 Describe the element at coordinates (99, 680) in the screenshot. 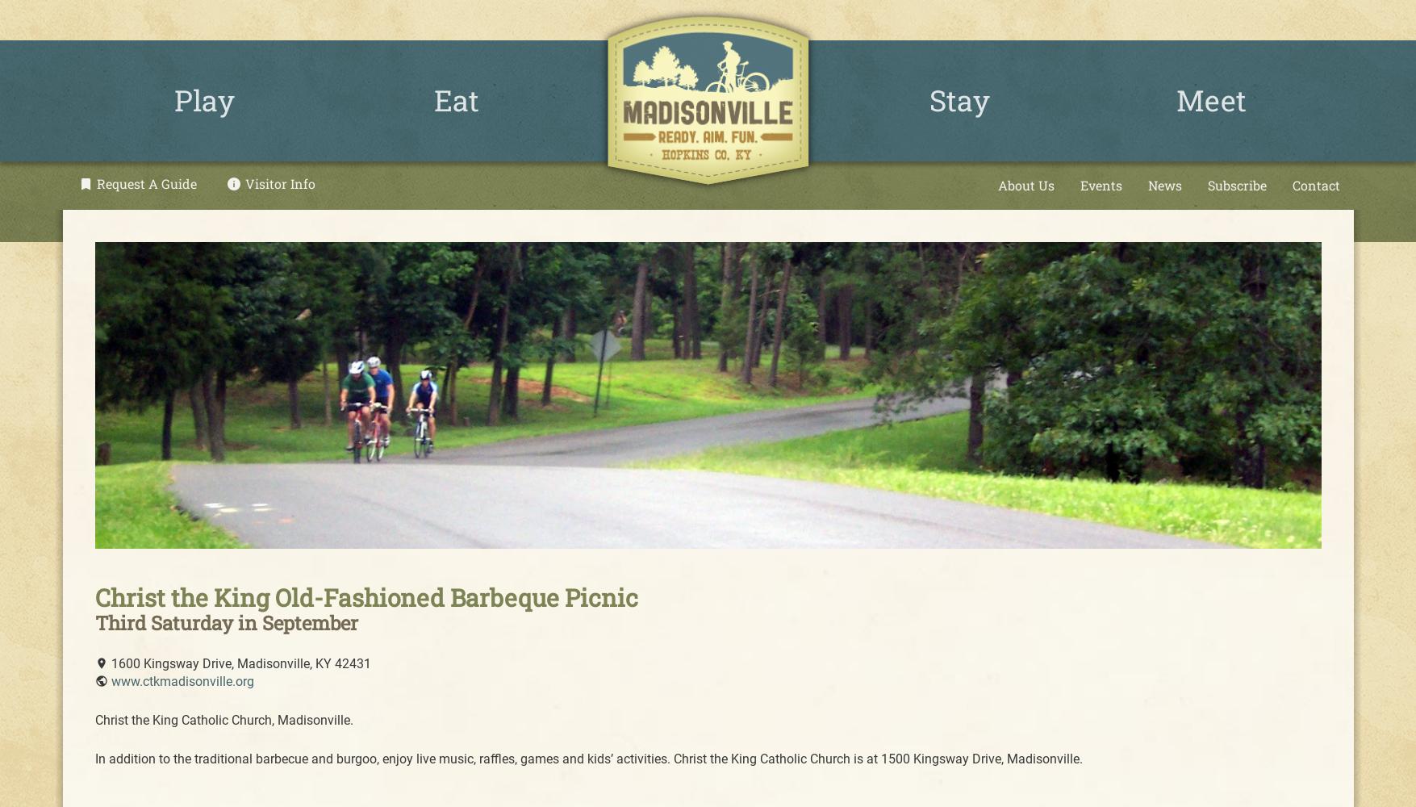

I see `'public'` at that location.